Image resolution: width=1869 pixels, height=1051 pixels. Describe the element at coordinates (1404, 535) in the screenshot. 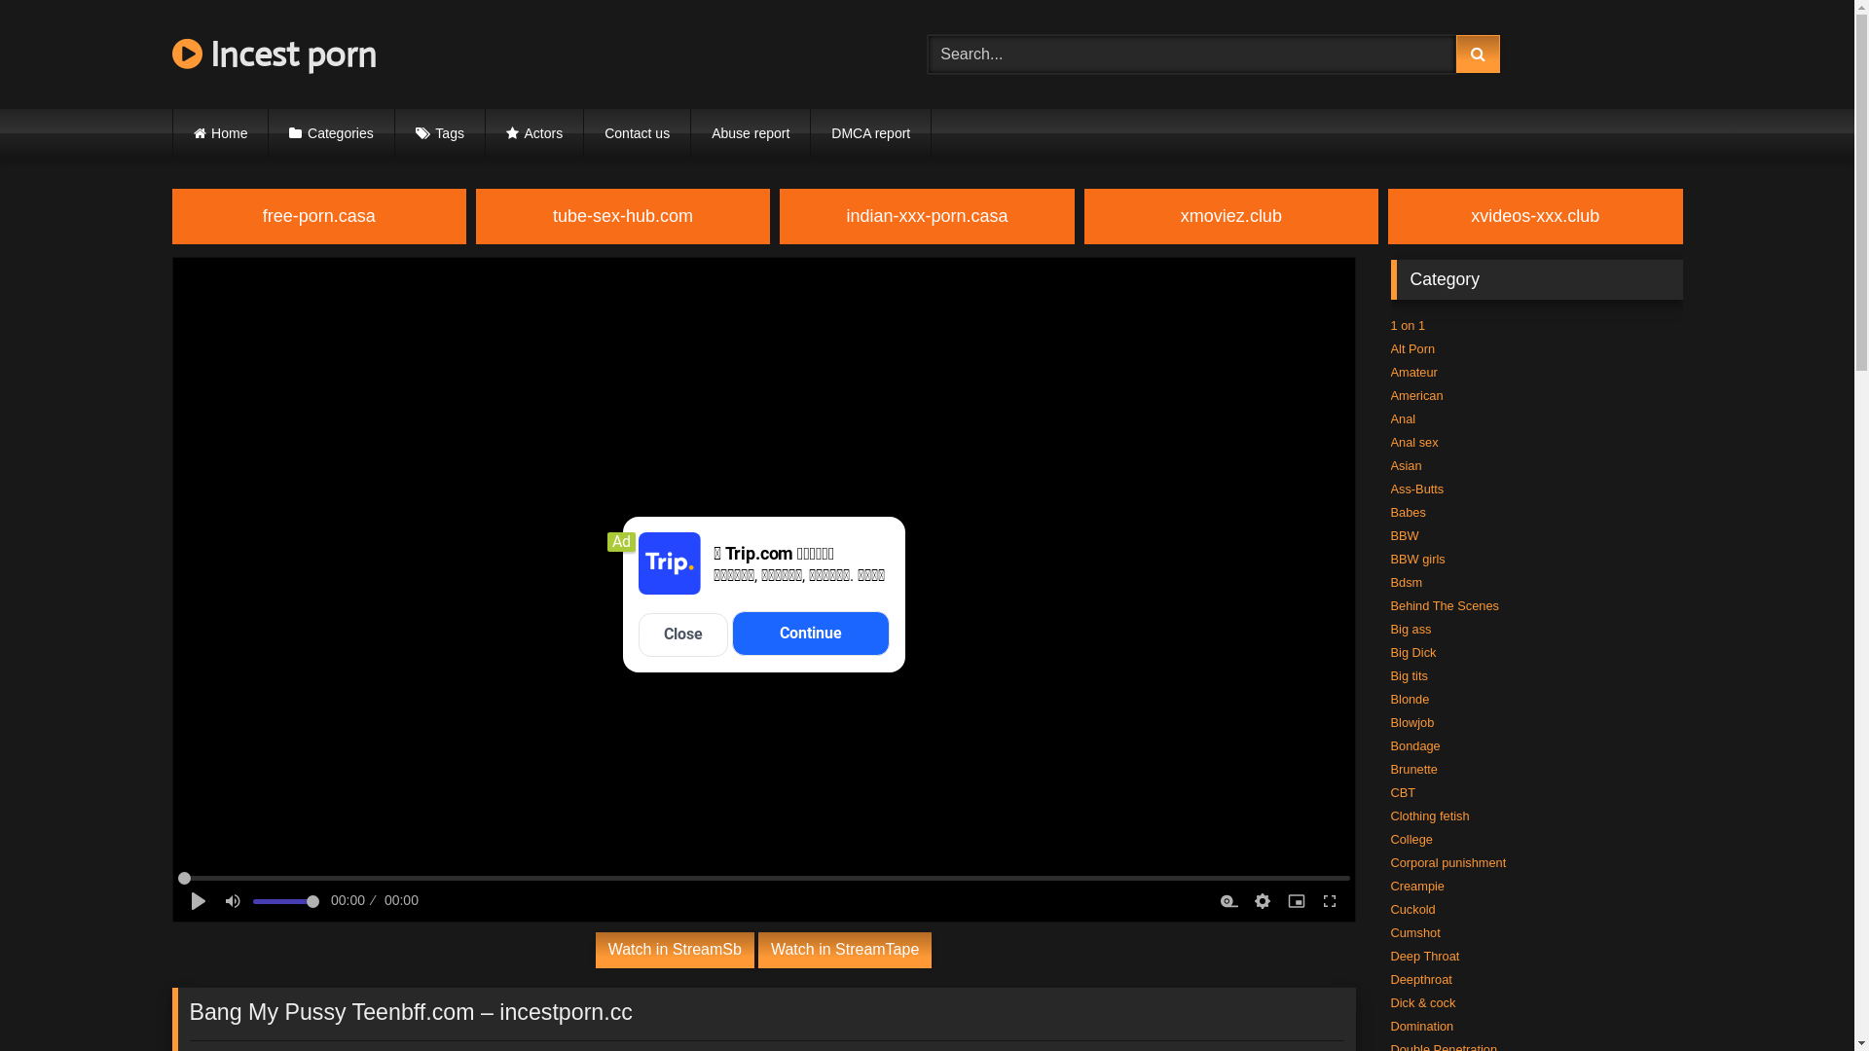

I see `'BBW'` at that location.